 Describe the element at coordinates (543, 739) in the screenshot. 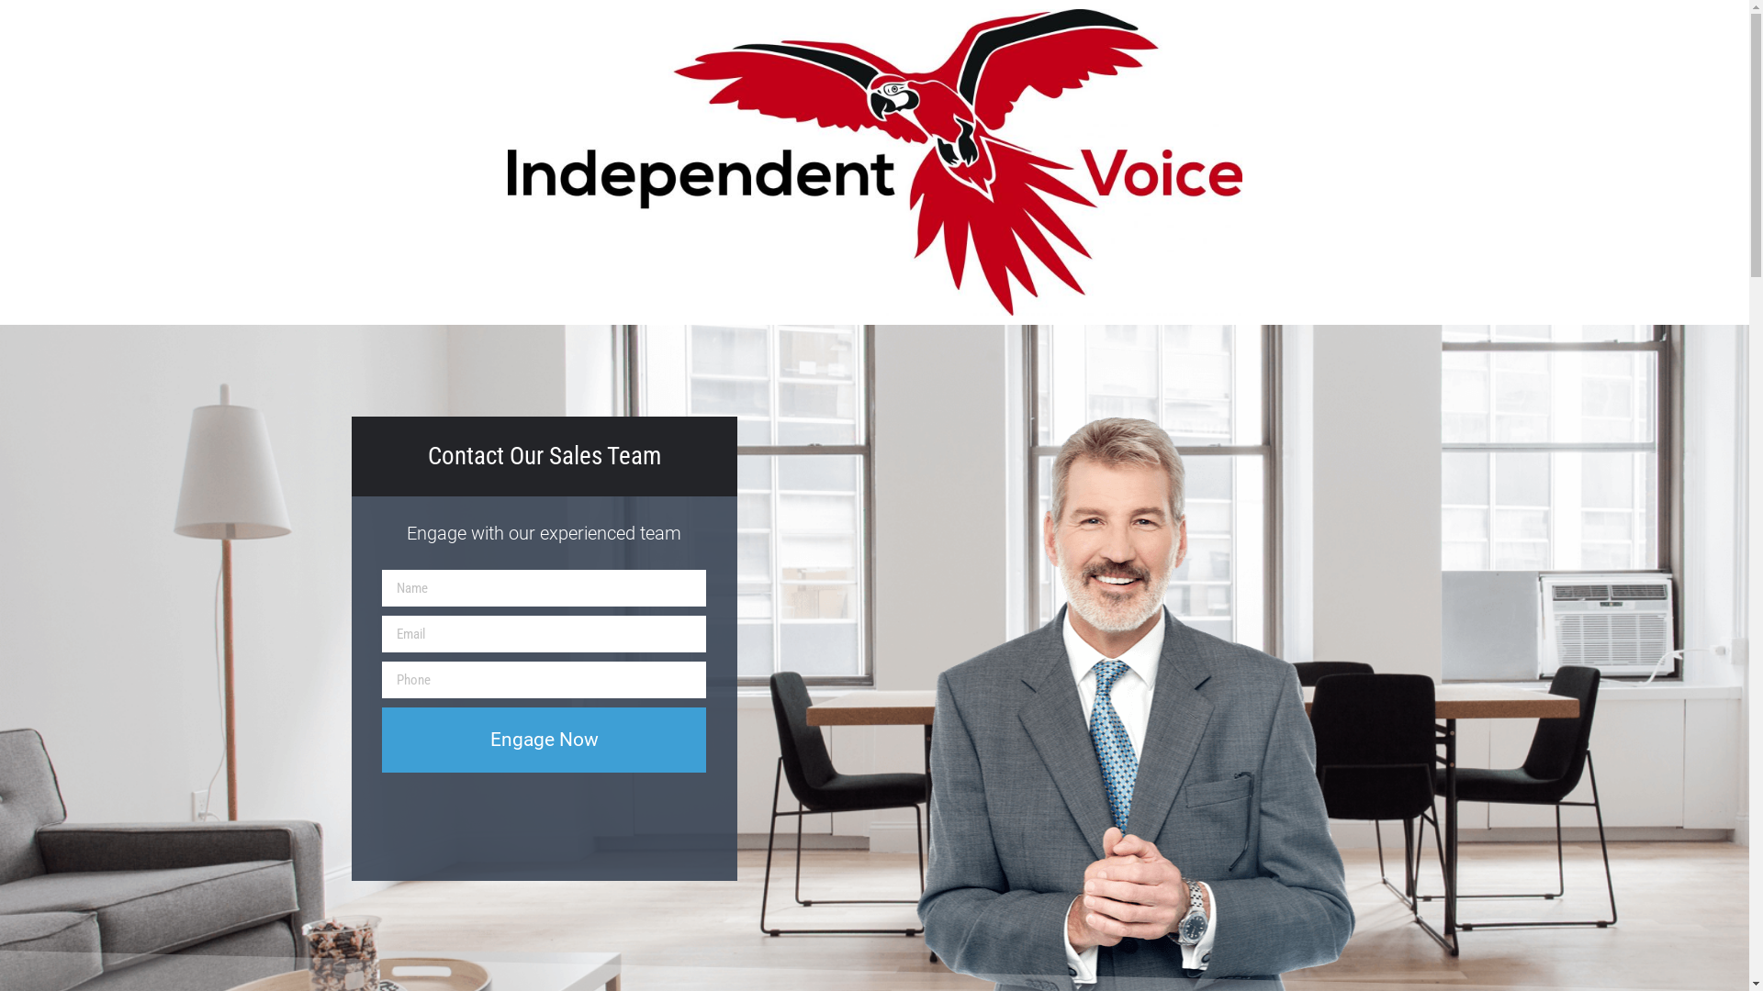

I see `'Engage Now'` at that location.